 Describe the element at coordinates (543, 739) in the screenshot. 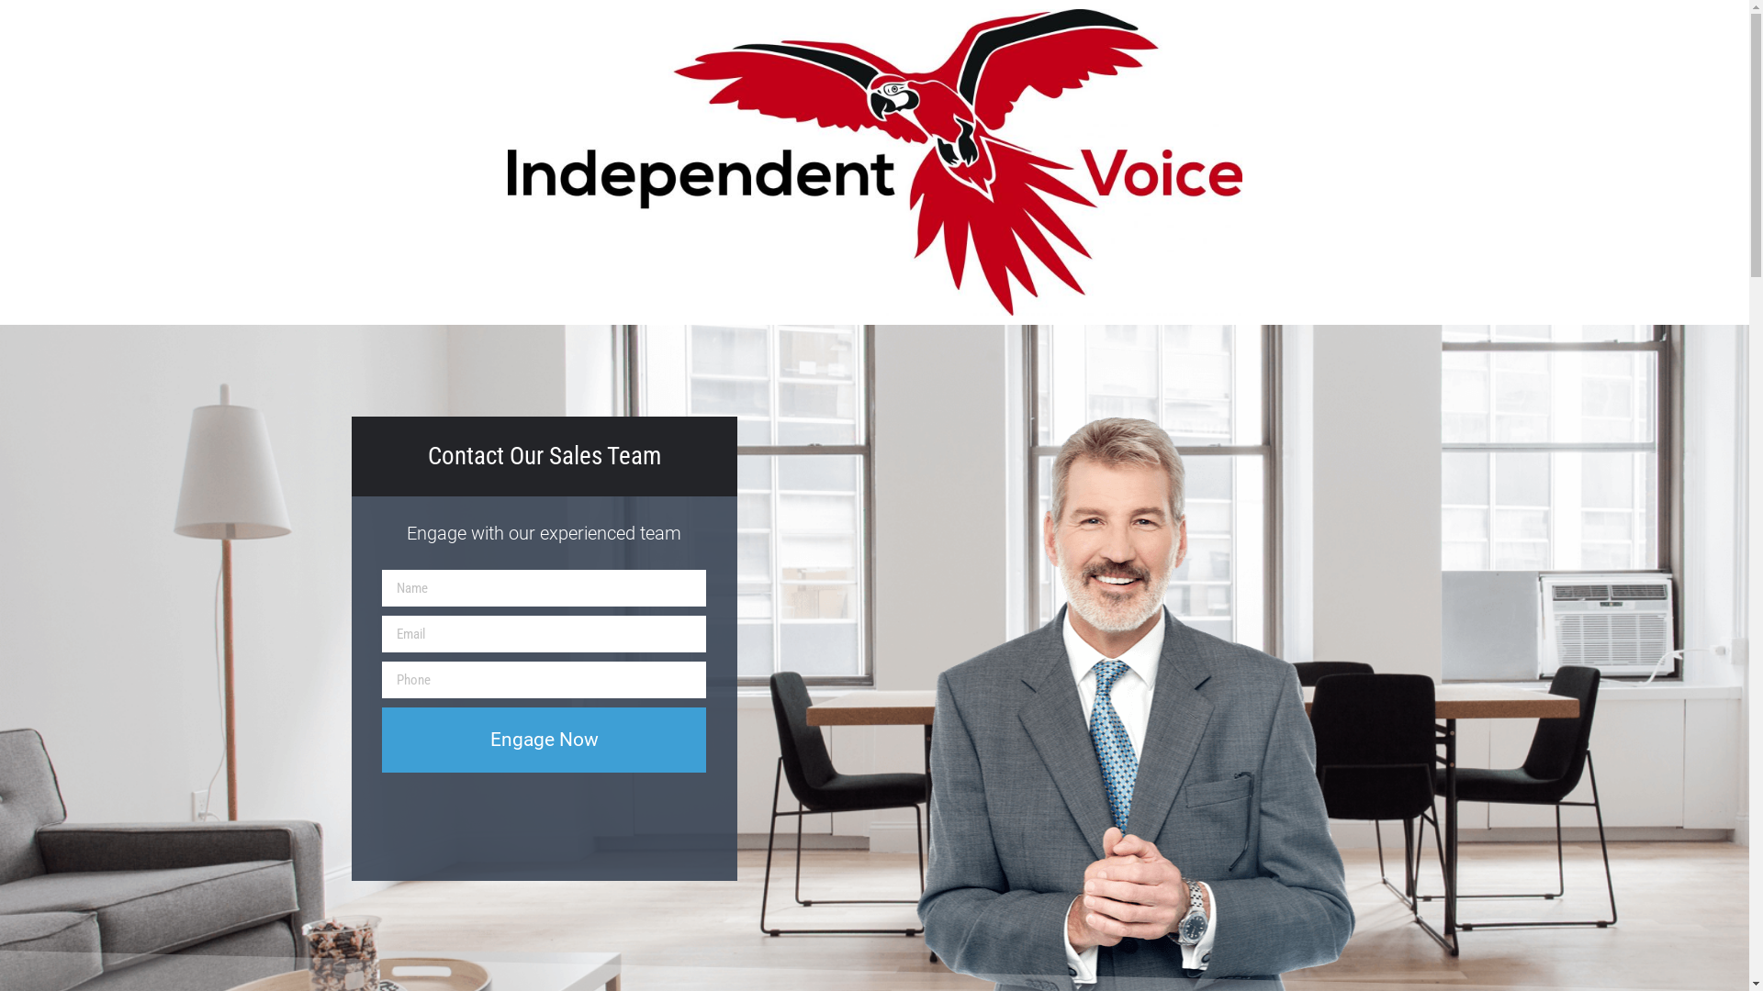

I see `'Engage Now'` at that location.